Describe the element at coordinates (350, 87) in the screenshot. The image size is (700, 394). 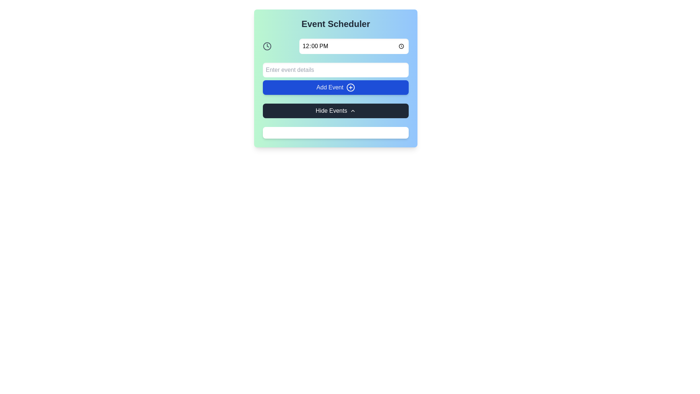
I see `the SVG circle element that is part of the plus-sign icon inside the button labeled 'Add Event'` at that location.